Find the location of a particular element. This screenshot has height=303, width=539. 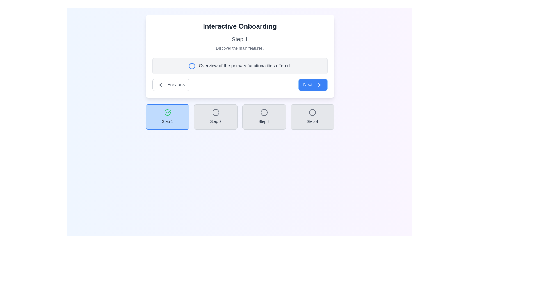

the second navigation button on the right side below the instructional text is located at coordinates (312, 85).